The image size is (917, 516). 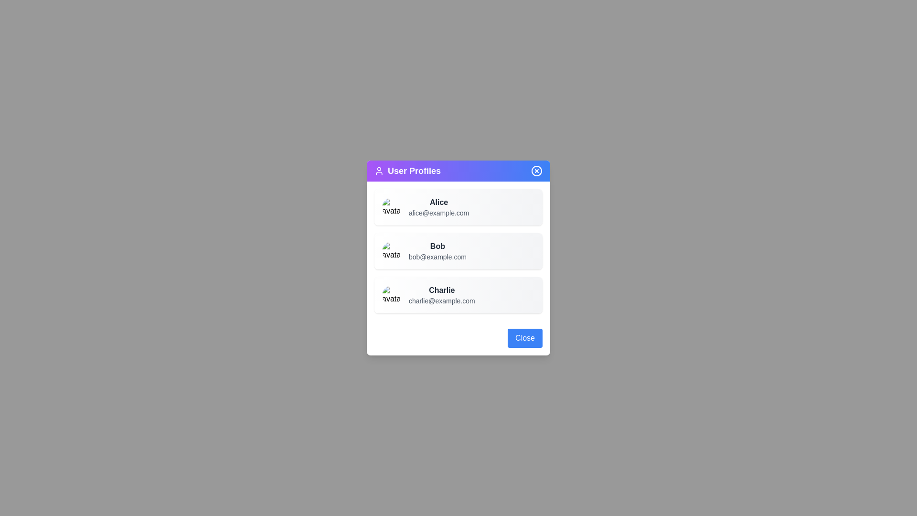 I want to click on the 'Close' button to close the dialog, so click(x=524, y=338).